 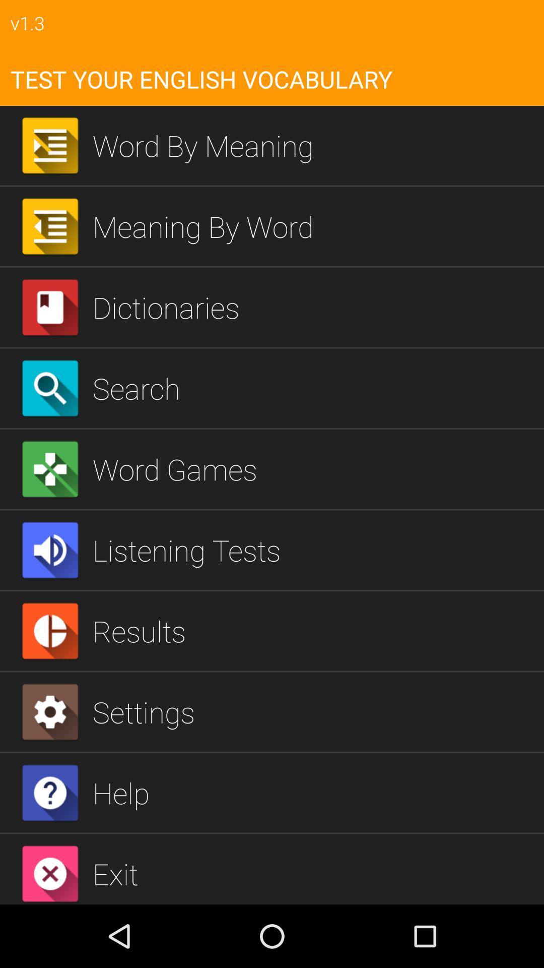 What do you see at coordinates (314, 711) in the screenshot?
I see `the item above help item` at bounding box center [314, 711].